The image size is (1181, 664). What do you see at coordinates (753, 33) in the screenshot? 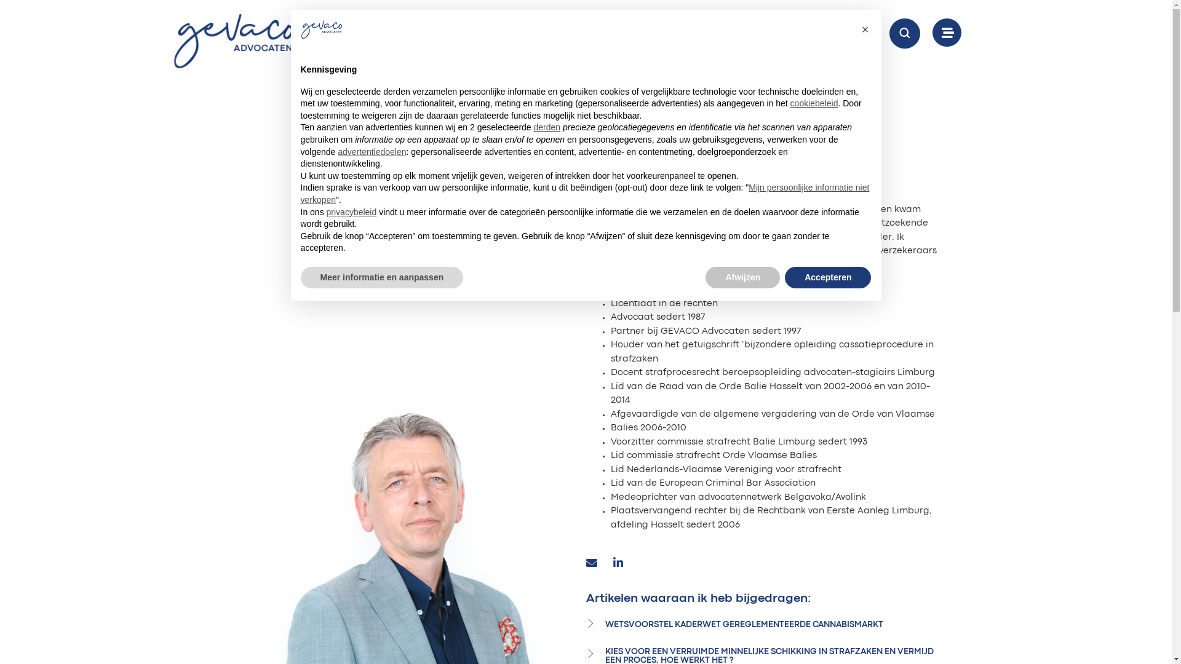
I see `'CONTACTEER ONS'` at bounding box center [753, 33].